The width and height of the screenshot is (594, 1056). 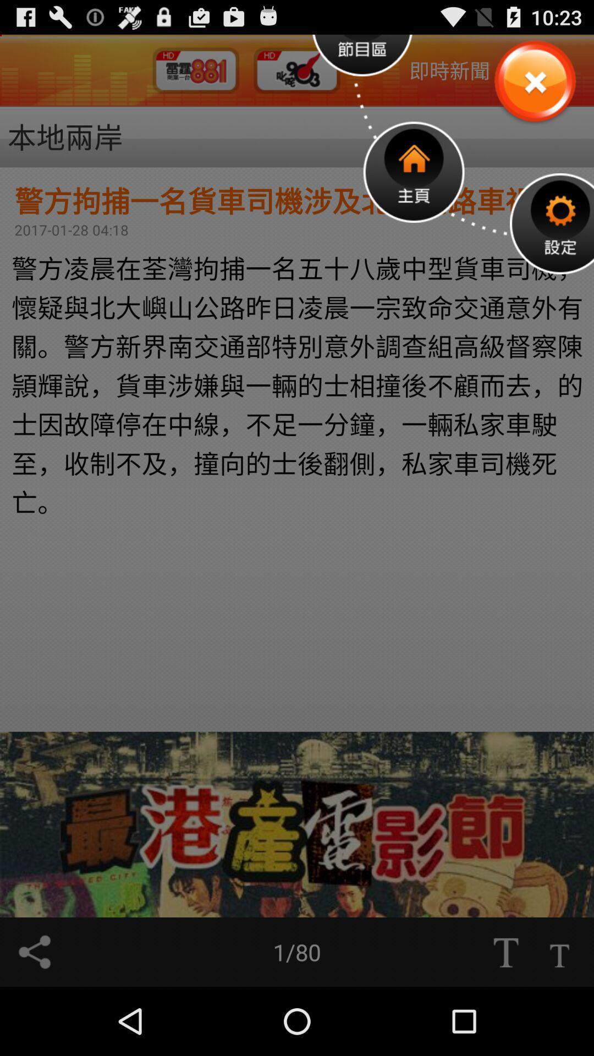 What do you see at coordinates (552, 223) in the screenshot?
I see `setting` at bounding box center [552, 223].